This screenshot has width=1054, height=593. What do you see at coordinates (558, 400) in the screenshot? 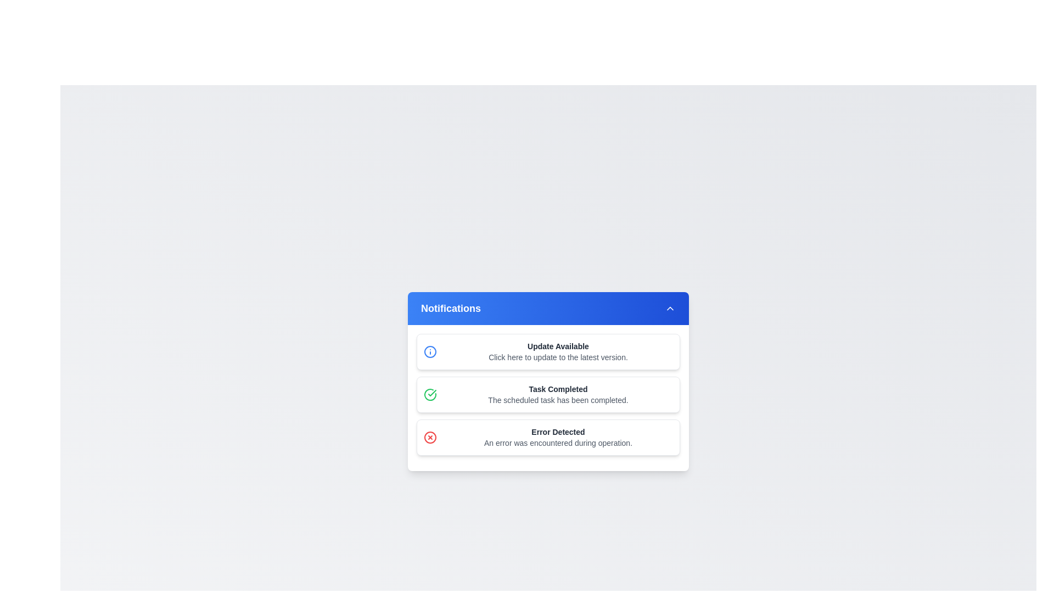
I see `the text label displaying 'The scheduled task has been completed.' which is styled with a smaller font and gray color, located directly below the 'Task Completed' headline within the notification card` at bounding box center [558, 400].